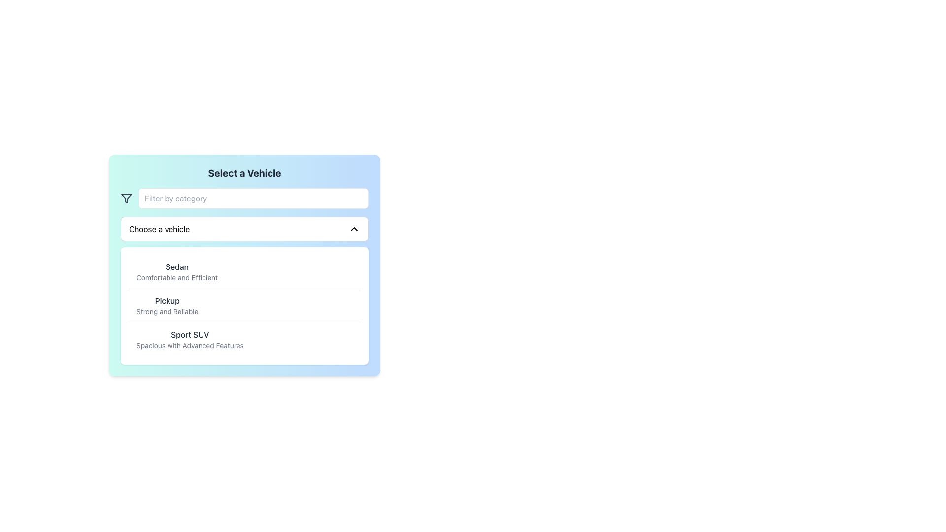 The height and width of the screenshot is (532, 946). Describe the element at coordinates (244, 305) in the screenshot. I see `one of the selectable vehicle type options in the A list component located below the 'Choose a vehicle' dropdown and above the bottom edge of the interface` at that location.